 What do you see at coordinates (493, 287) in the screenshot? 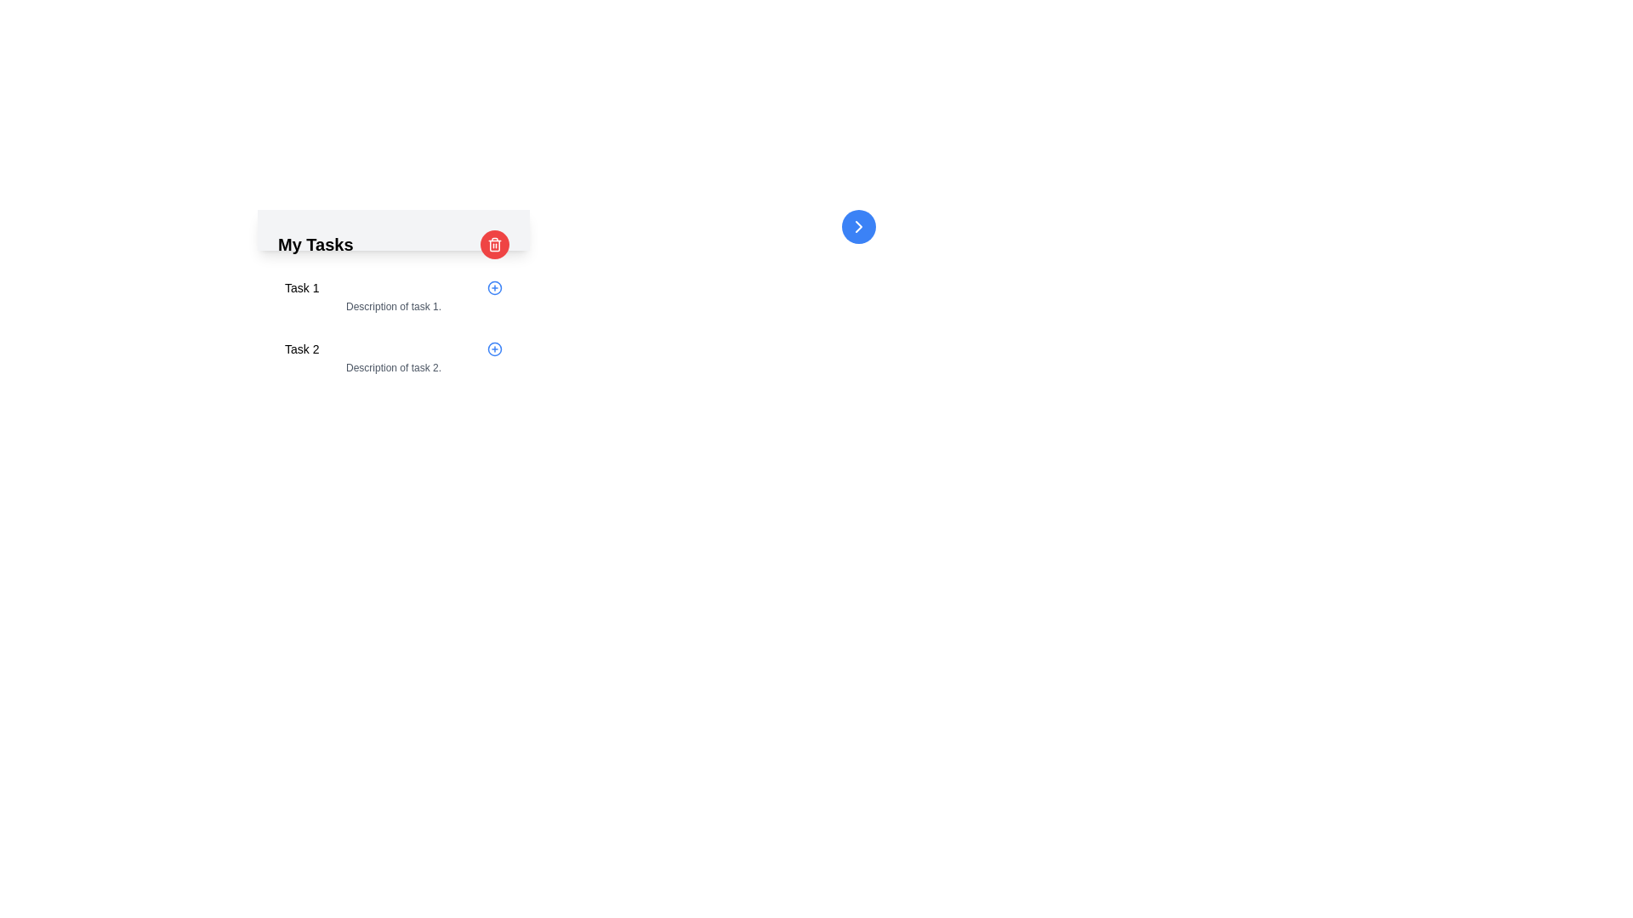
I see `the circular blue icon with a plus sign, located to the far right of 'Task 2' in the task list` at bounding box center [493, 287].